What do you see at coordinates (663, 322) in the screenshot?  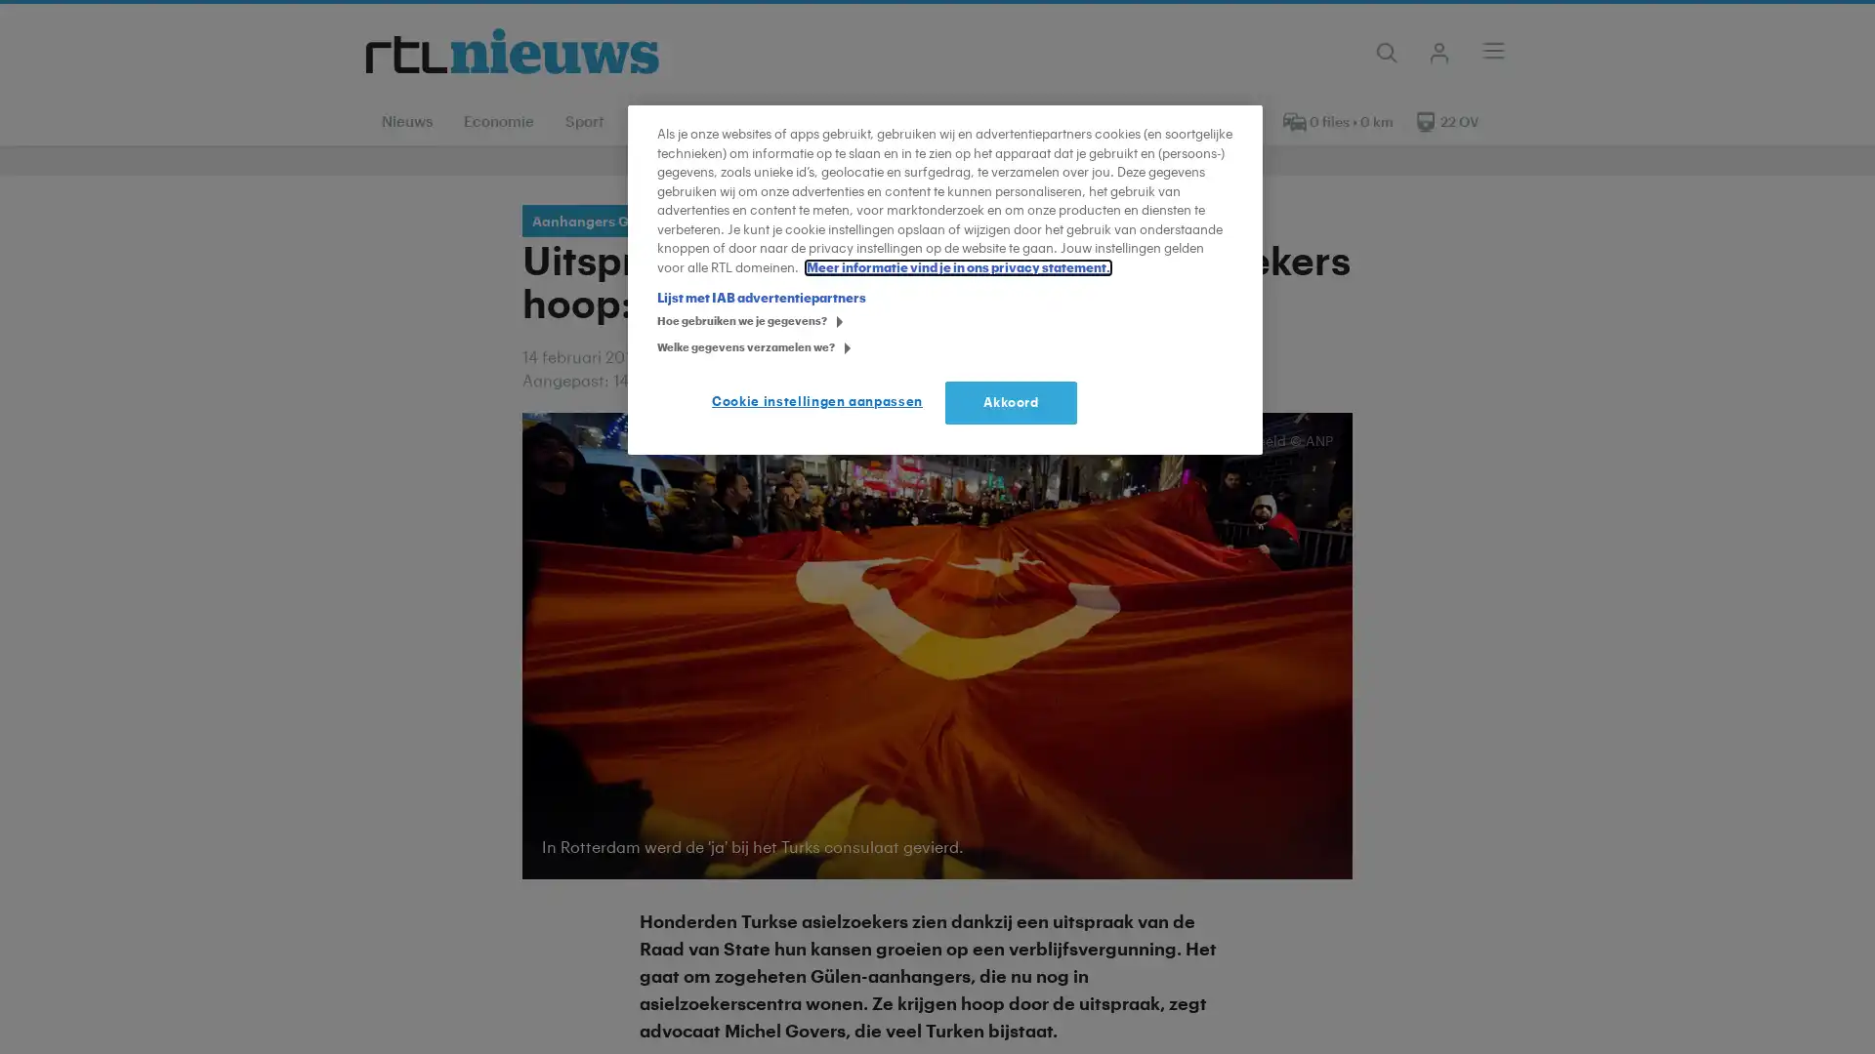 I see `Hoe gebruiken we je gegevens?` at bounding box center [663, 322].